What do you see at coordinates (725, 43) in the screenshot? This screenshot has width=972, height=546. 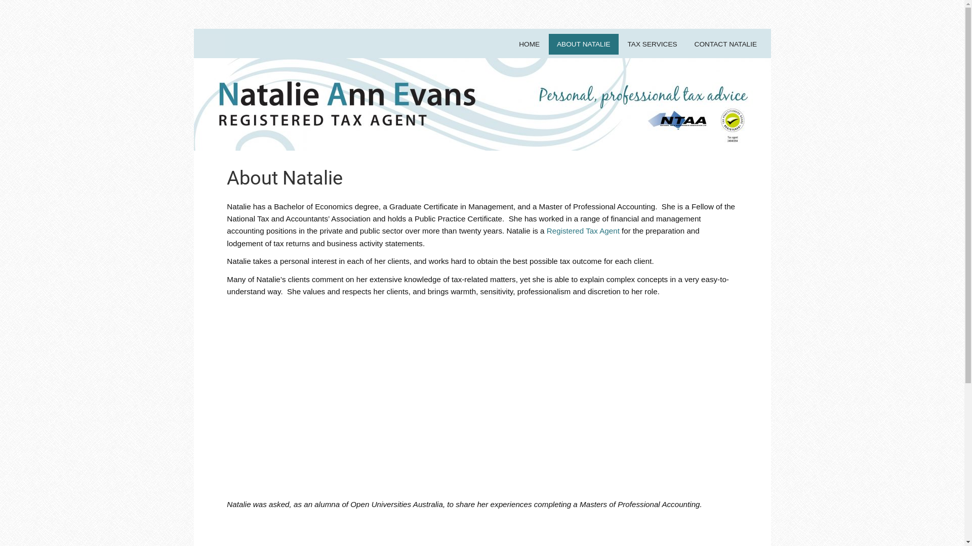 I see `'CONTACT NATALIE'` at bounding box center [725, 43].